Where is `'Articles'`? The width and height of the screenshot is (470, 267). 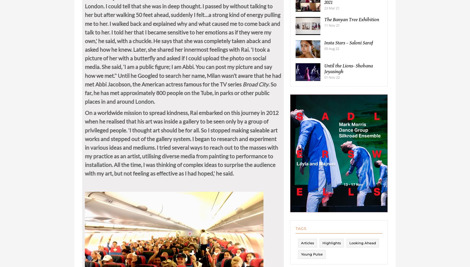
'Articles' is located at coordinates (301, 248).